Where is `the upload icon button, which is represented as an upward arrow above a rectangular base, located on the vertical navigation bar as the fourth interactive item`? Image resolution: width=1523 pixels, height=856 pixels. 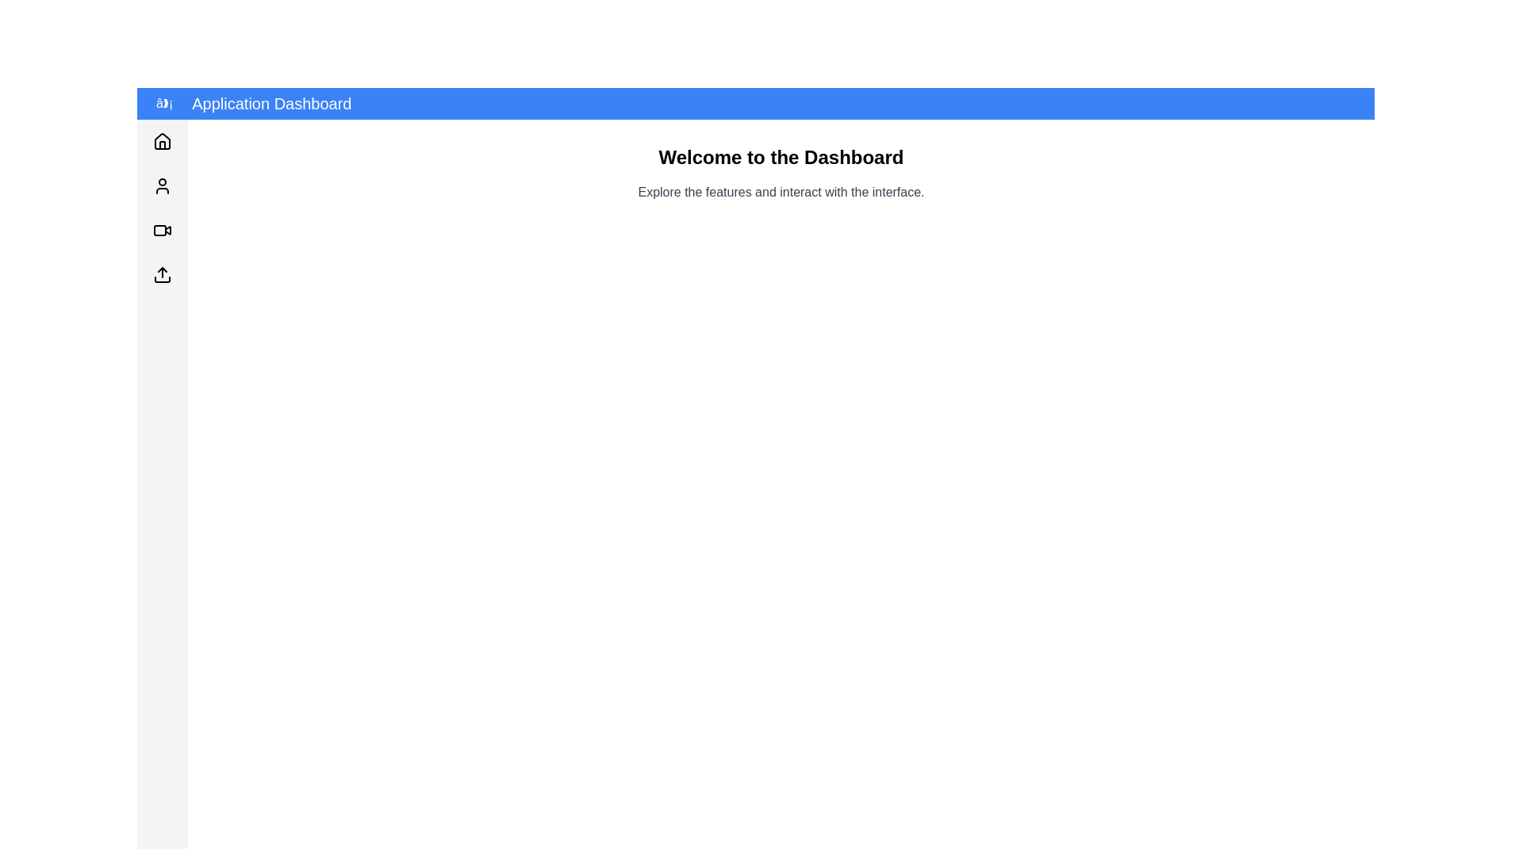 the upload icon button, which is represented as an upward arrow above a rectangular base, located on the vertical navigation bar as the fourth interactive item is located at coordinates (163, 274).